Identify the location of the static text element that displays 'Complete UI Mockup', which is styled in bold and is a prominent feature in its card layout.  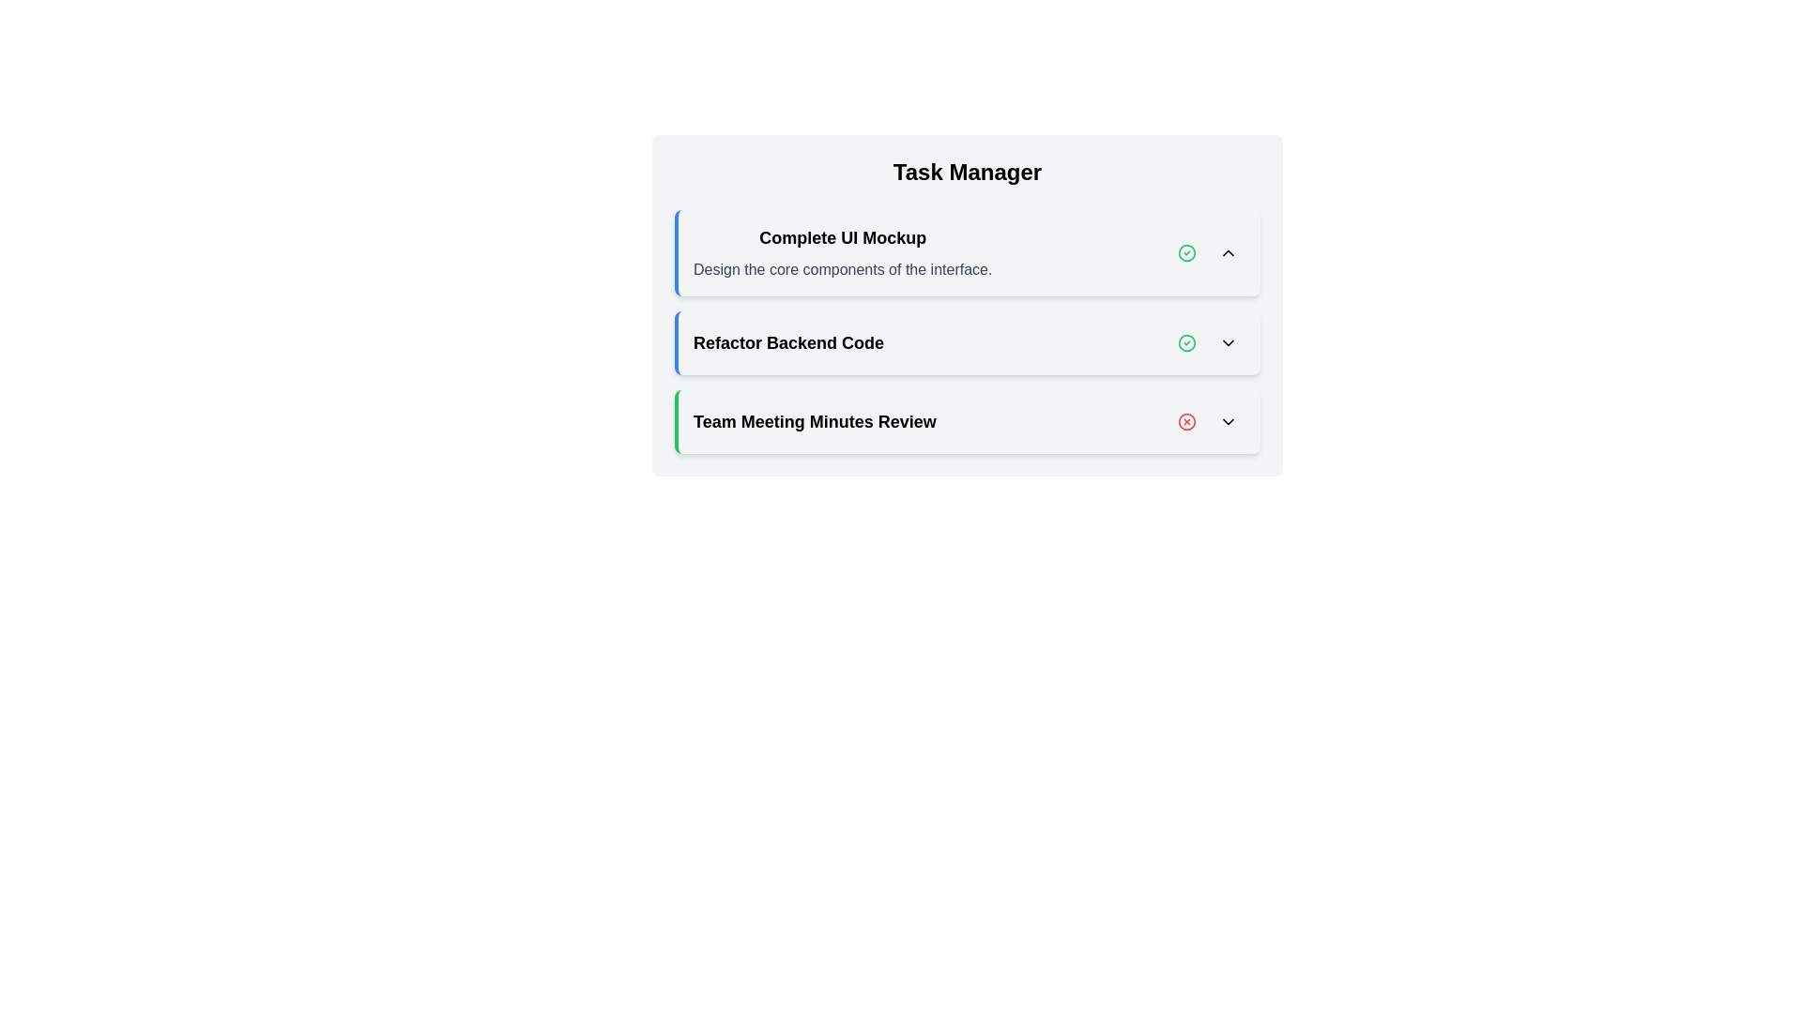
(842, 237).